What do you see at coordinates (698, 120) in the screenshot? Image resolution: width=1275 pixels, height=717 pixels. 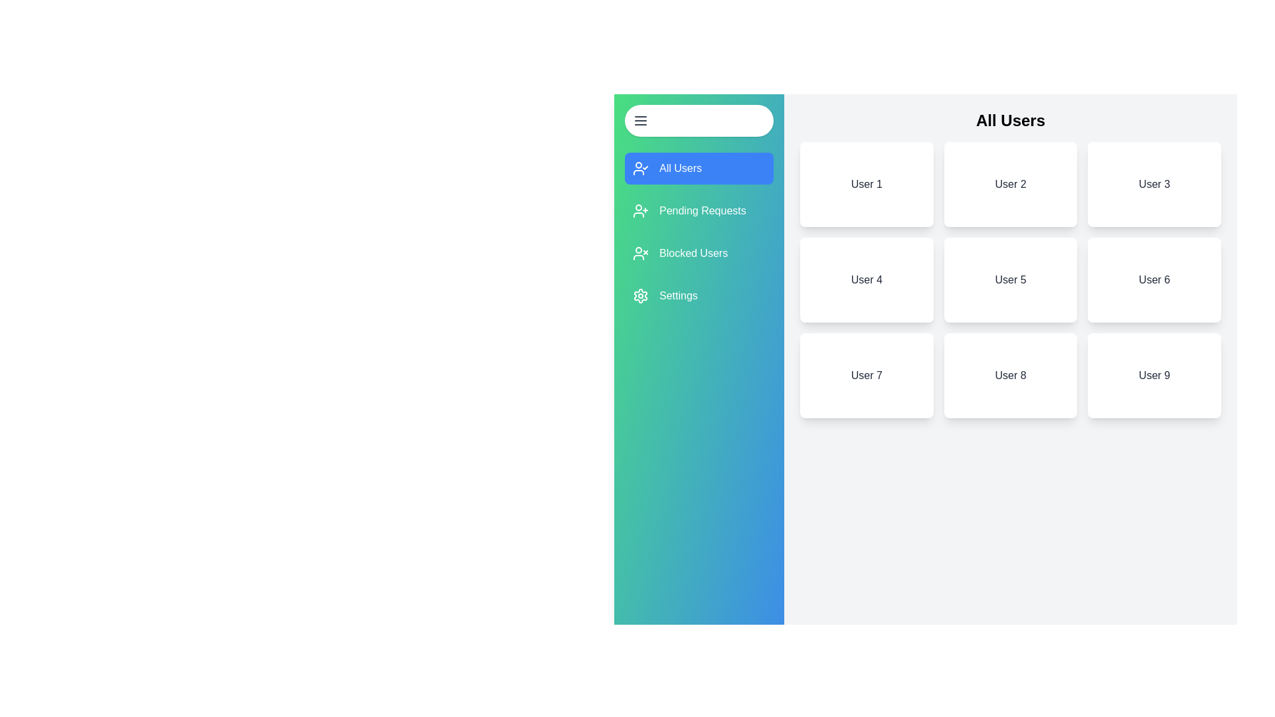 I see `toggle button to open or close the drawer` at bounding box center [698, 120].